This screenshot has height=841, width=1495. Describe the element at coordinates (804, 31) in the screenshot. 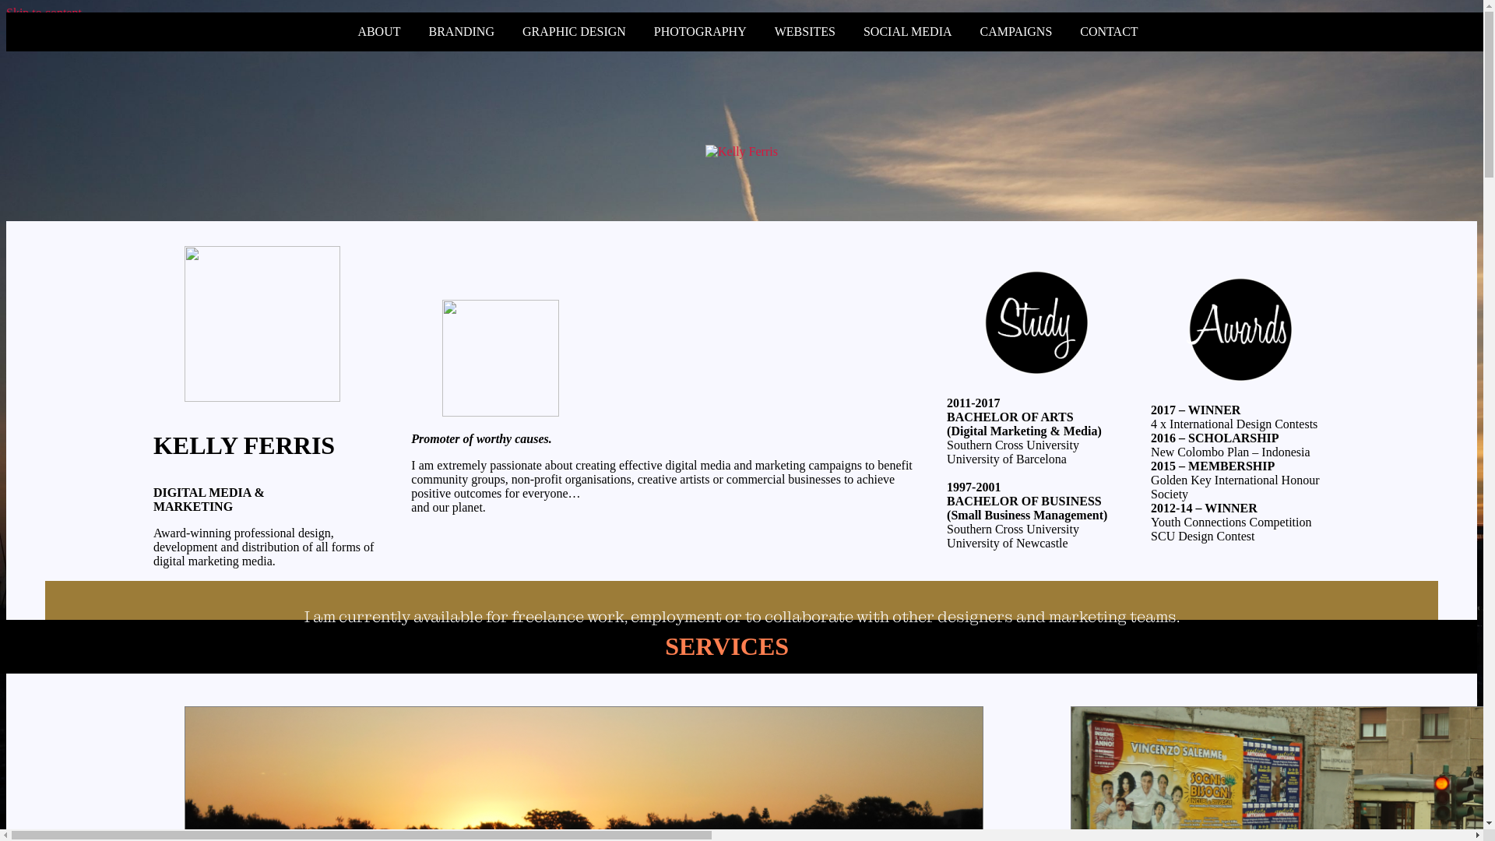

I see `'WEBSITES'` at that location.